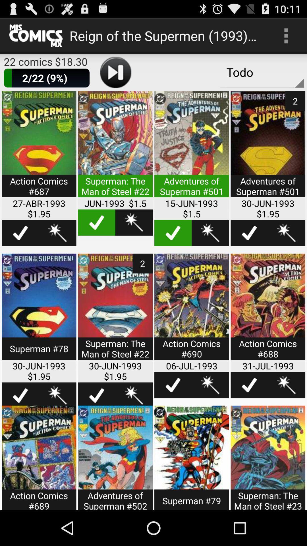  What do you see at coordinates (115, 77) in the screenshot?
I see `the skip_next icon` at bounding box center [115, 77].